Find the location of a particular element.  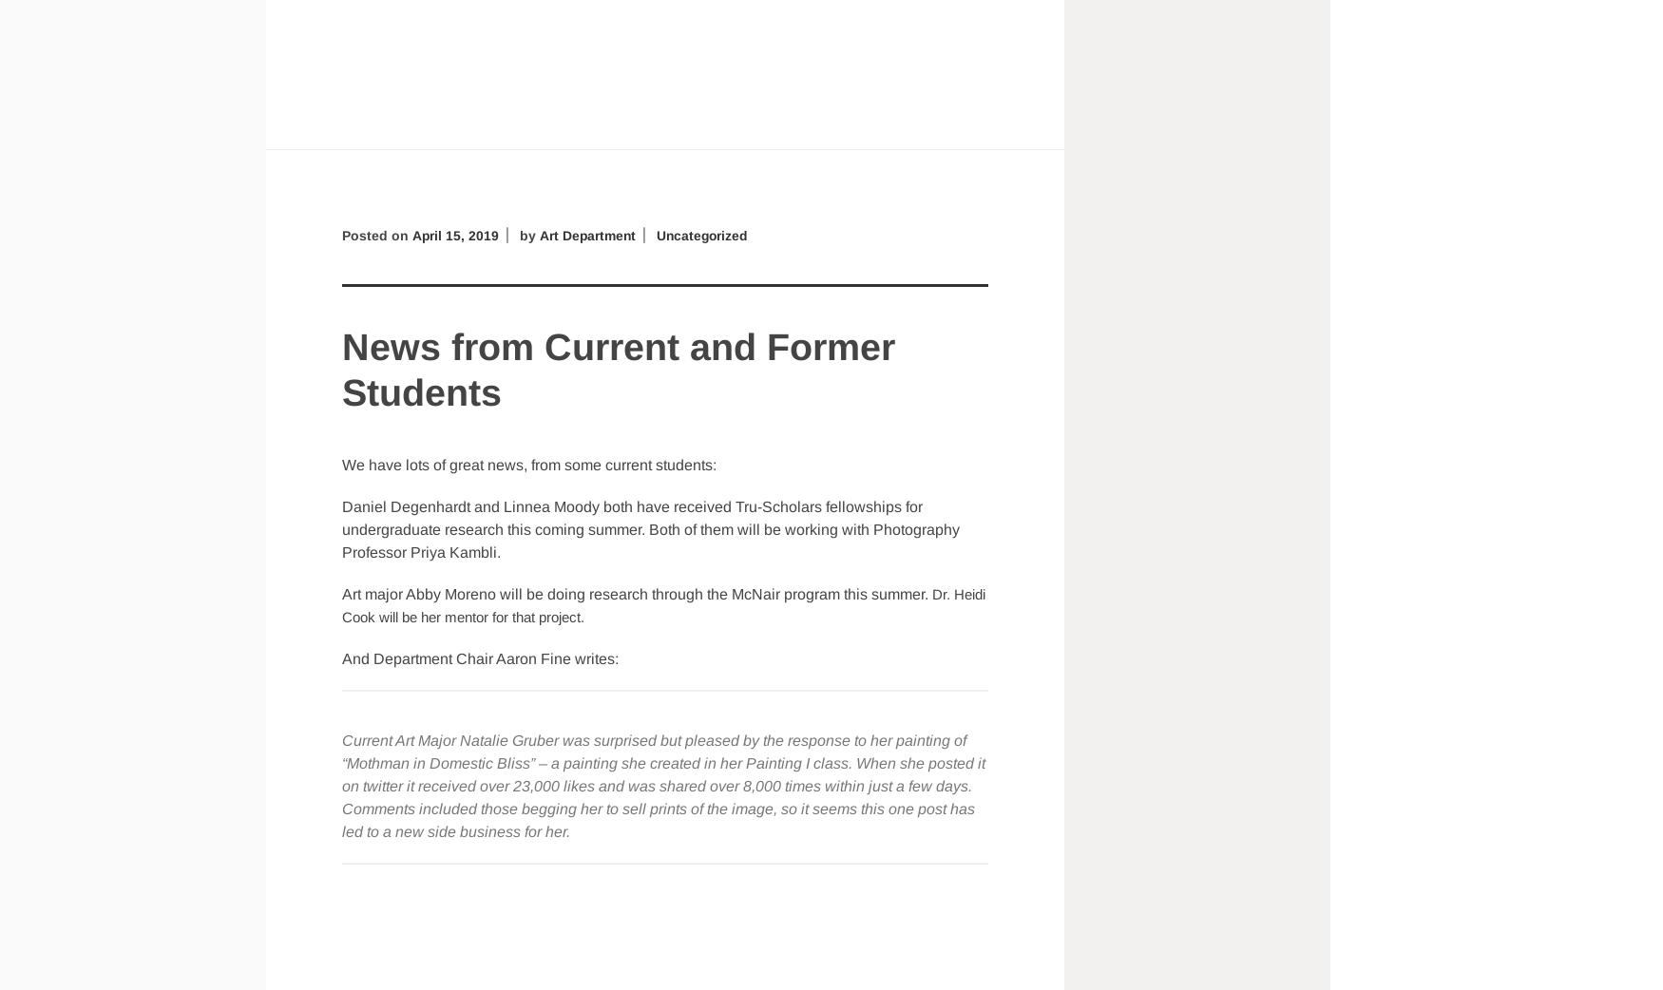

'Dr. Heidi Cook will be her mentor for that project.' is located at coordinates (663, 604).